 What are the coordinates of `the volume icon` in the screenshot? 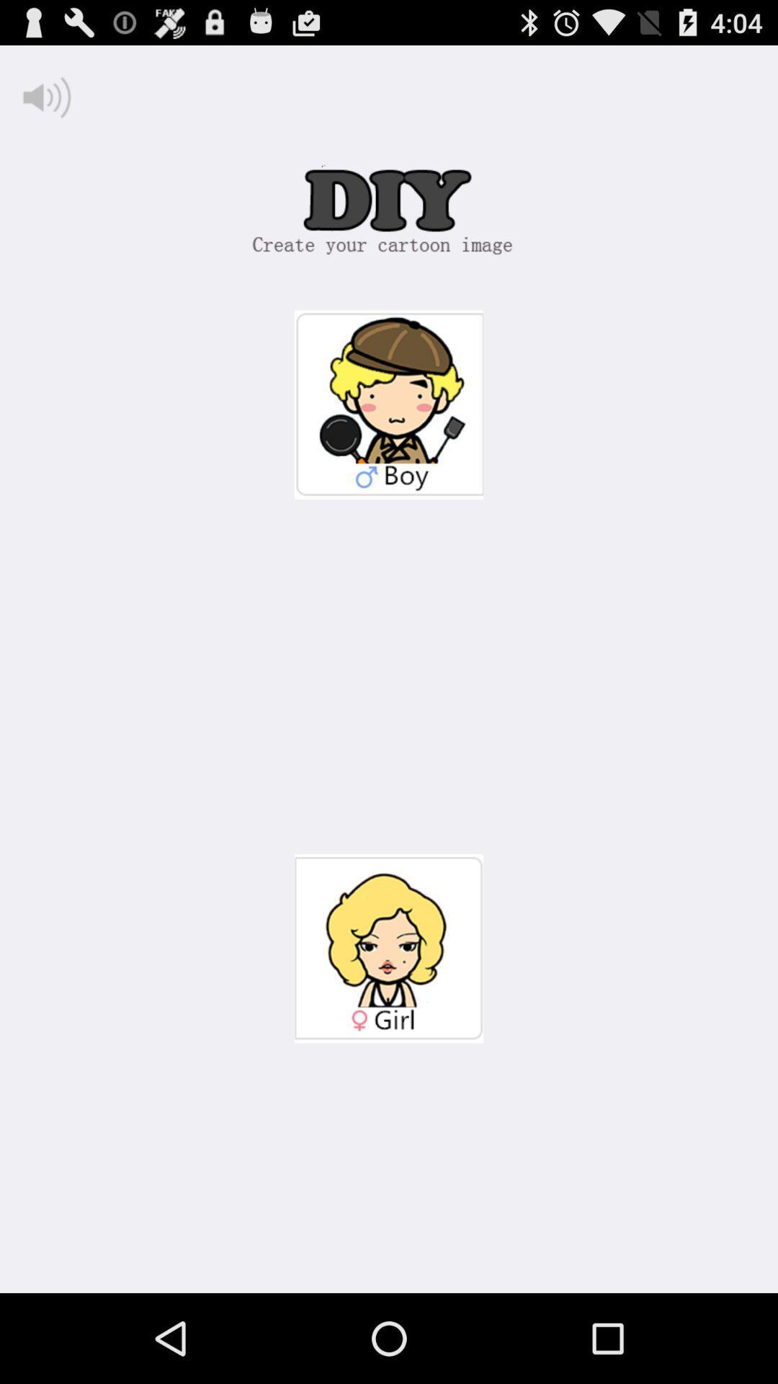 It's located at (46, 103).